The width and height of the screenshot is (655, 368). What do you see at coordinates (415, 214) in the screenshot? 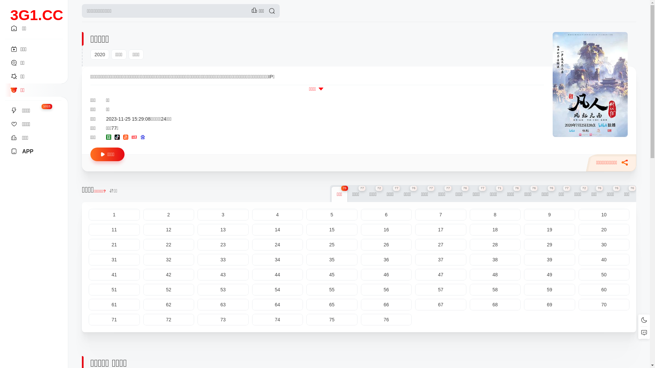
I see `'7'` at bounding box center [415, 214].